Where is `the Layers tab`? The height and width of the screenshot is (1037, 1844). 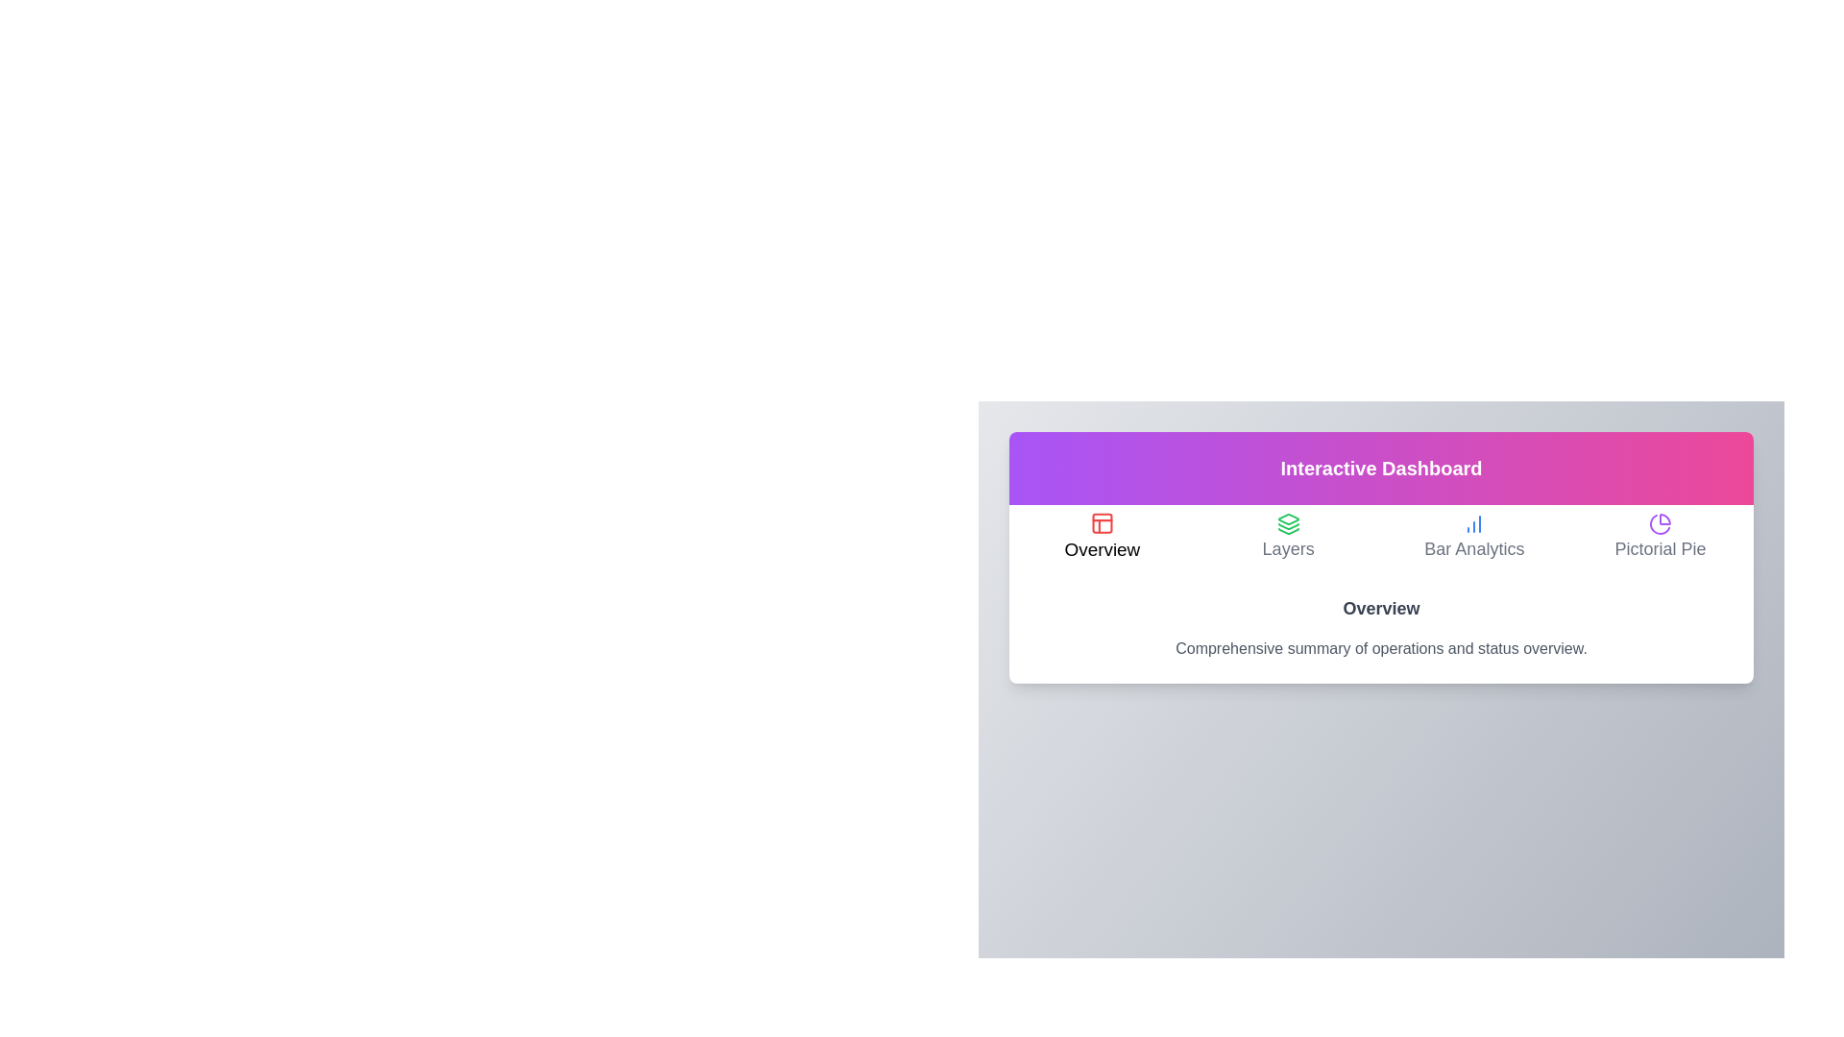
the Layers tab is located at coordinates (1288, 538).